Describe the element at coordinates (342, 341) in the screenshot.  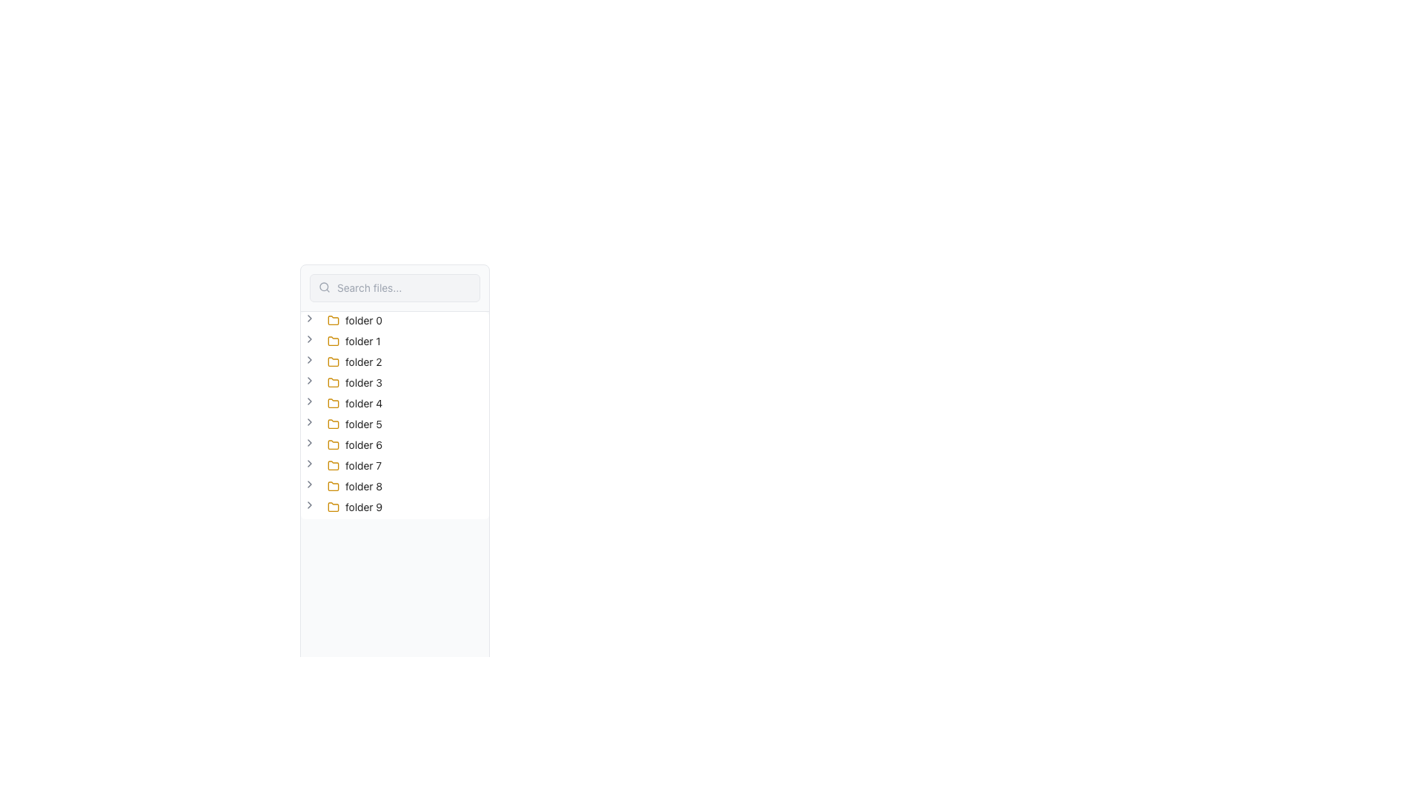
I see `the 'folder 1' expandable list entry marked by a yellow folder icon and a right-pointing chevron` at that location.